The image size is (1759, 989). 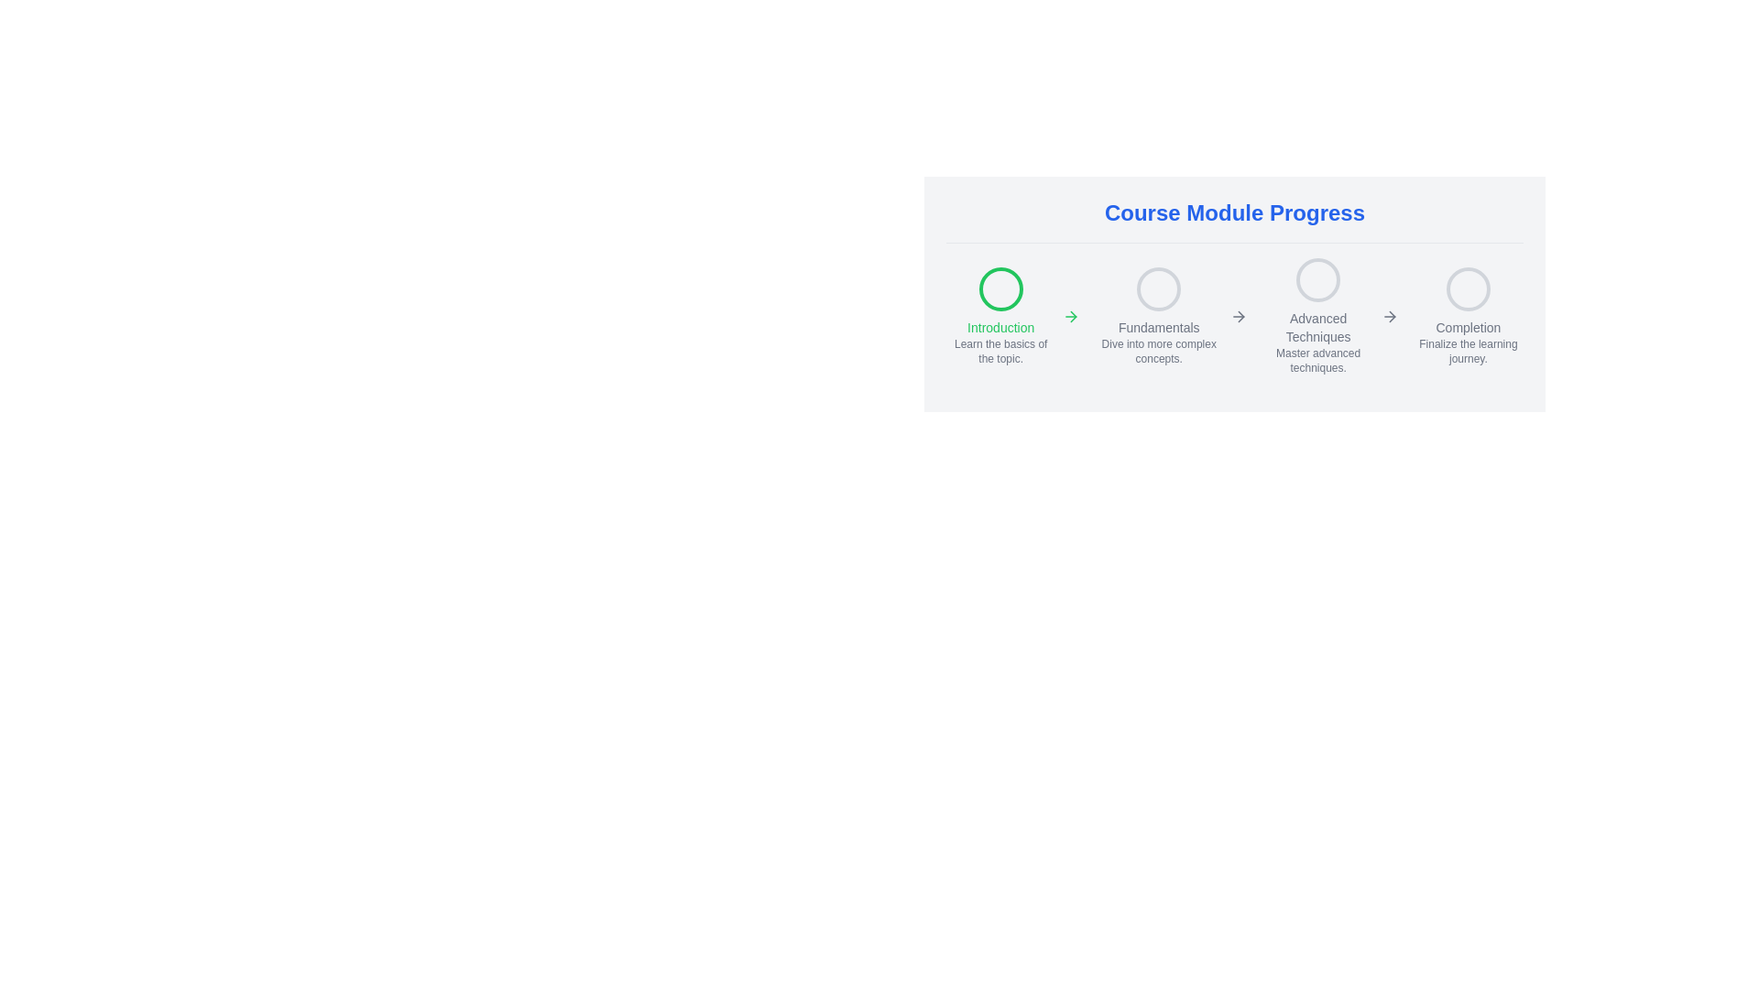 I want to click on the 'Completion' text label, which is styled in a small gray font and positioned below a circle icon in the 'Course Module Progress' display, so click(x=1468, y=327).